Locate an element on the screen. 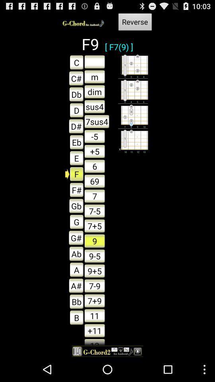 The width and height of the screenshot is (215, 382). adjust note is located at coordinates (94, 61).